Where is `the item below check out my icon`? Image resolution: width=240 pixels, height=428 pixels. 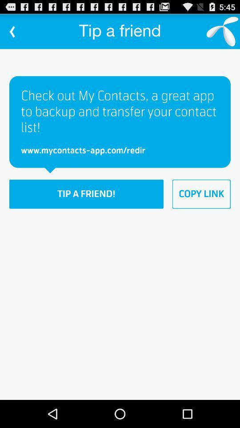
the item below check out my icon is located at coordinates (201, 194).